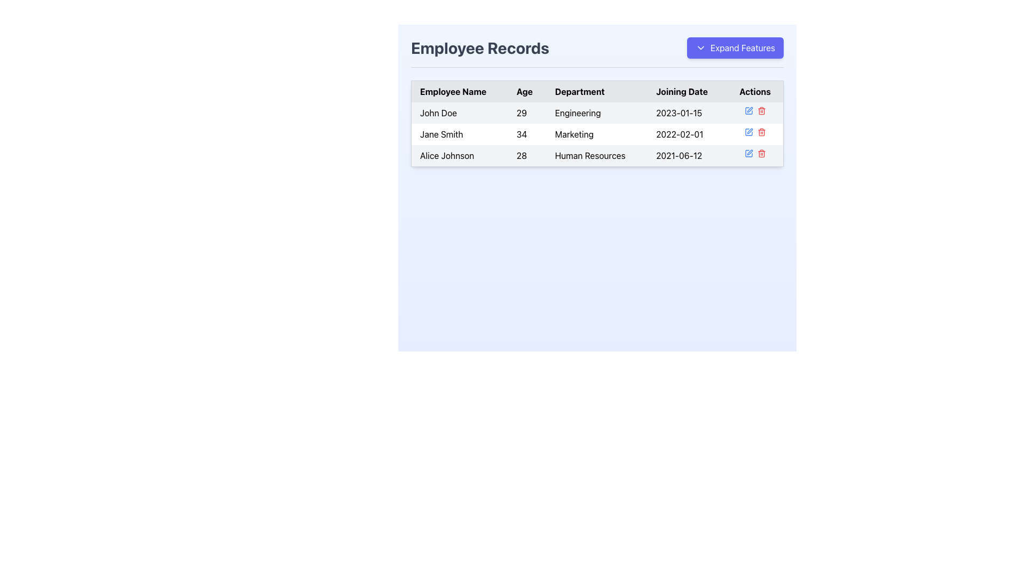 The height and width of the screenshot is (576, 1025). I want to click on the edit icon representing 'Jane Smith' in the Actions column to trigger the tooltip or highlight effect, so click(748, 111).